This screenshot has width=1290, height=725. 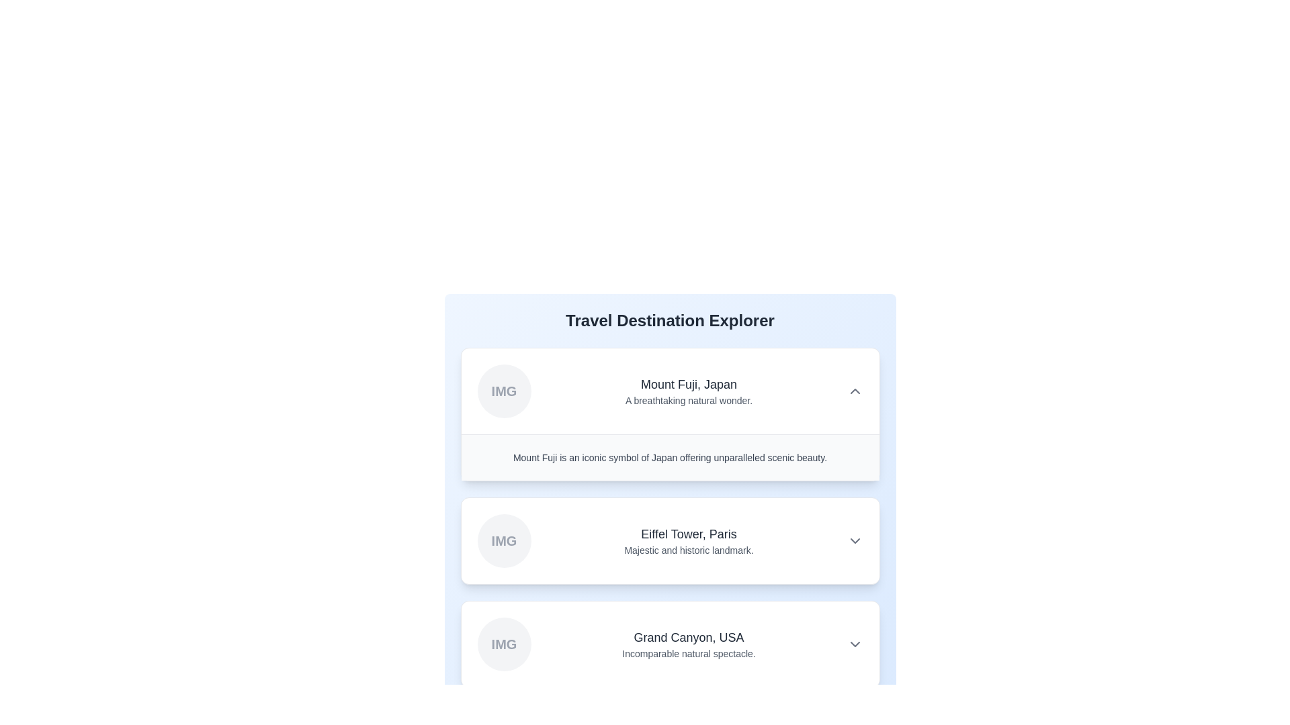 What do you see at coordinates (854, 644) in the screenshot?
I see `the expand/collapse button for the destination Grand Canyon, USA` at bounding box center [854, 644].